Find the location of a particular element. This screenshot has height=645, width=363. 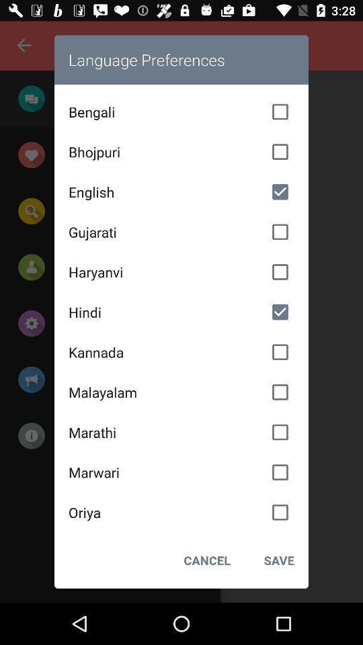

the haryanvi is located at coordinates (182, 271).